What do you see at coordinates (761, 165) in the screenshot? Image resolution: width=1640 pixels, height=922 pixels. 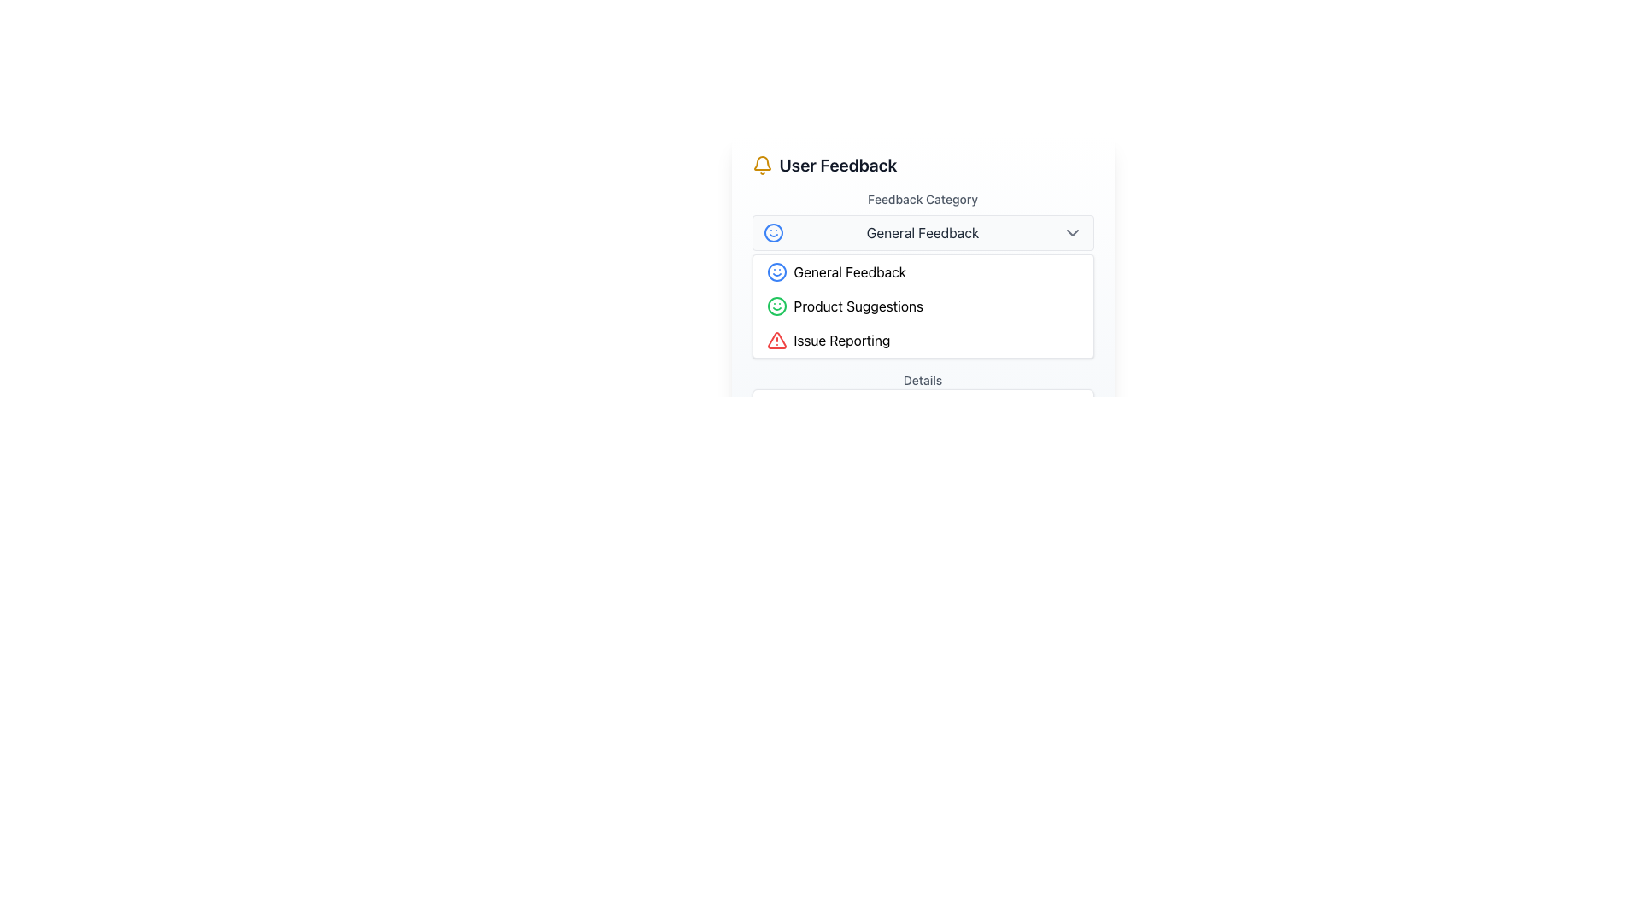 I see `the bell-shaped icon with a yellow stroke design located to the left of the 'User Feedback' text` at bounding box center [761, 165].